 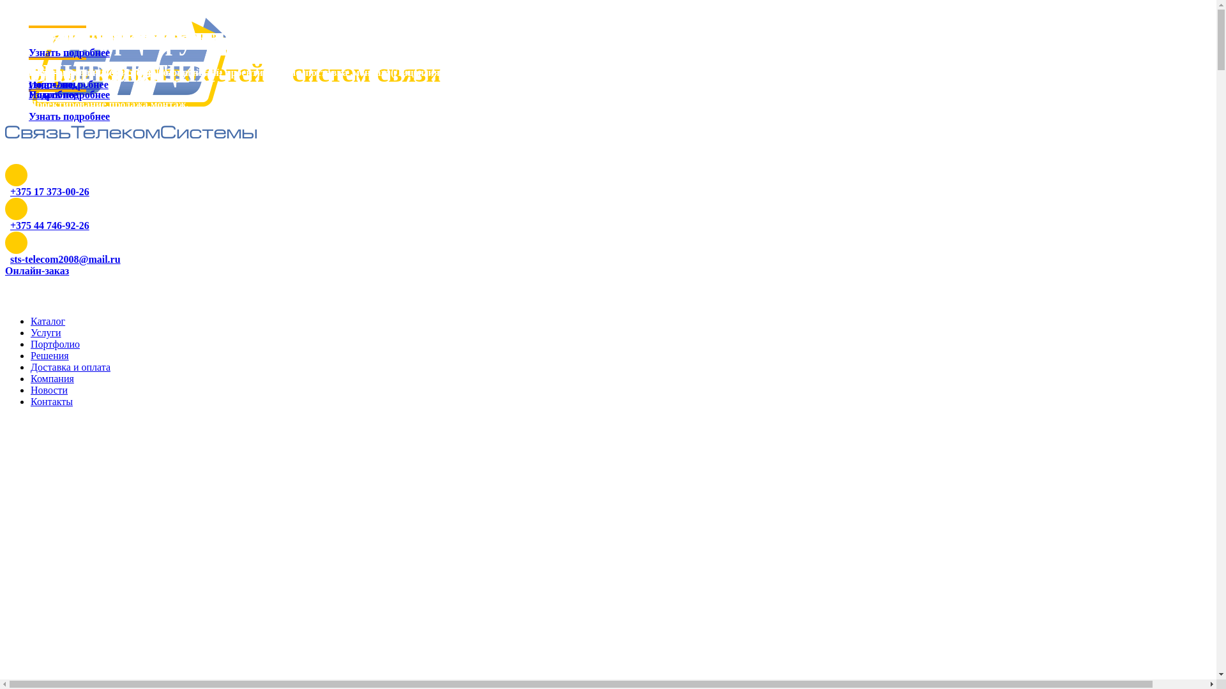 What do you see at coordinates (10, 258) in the screenshot?
I see `'sts-telecom2008@mail.ru'` at bounding box center [10, 258].